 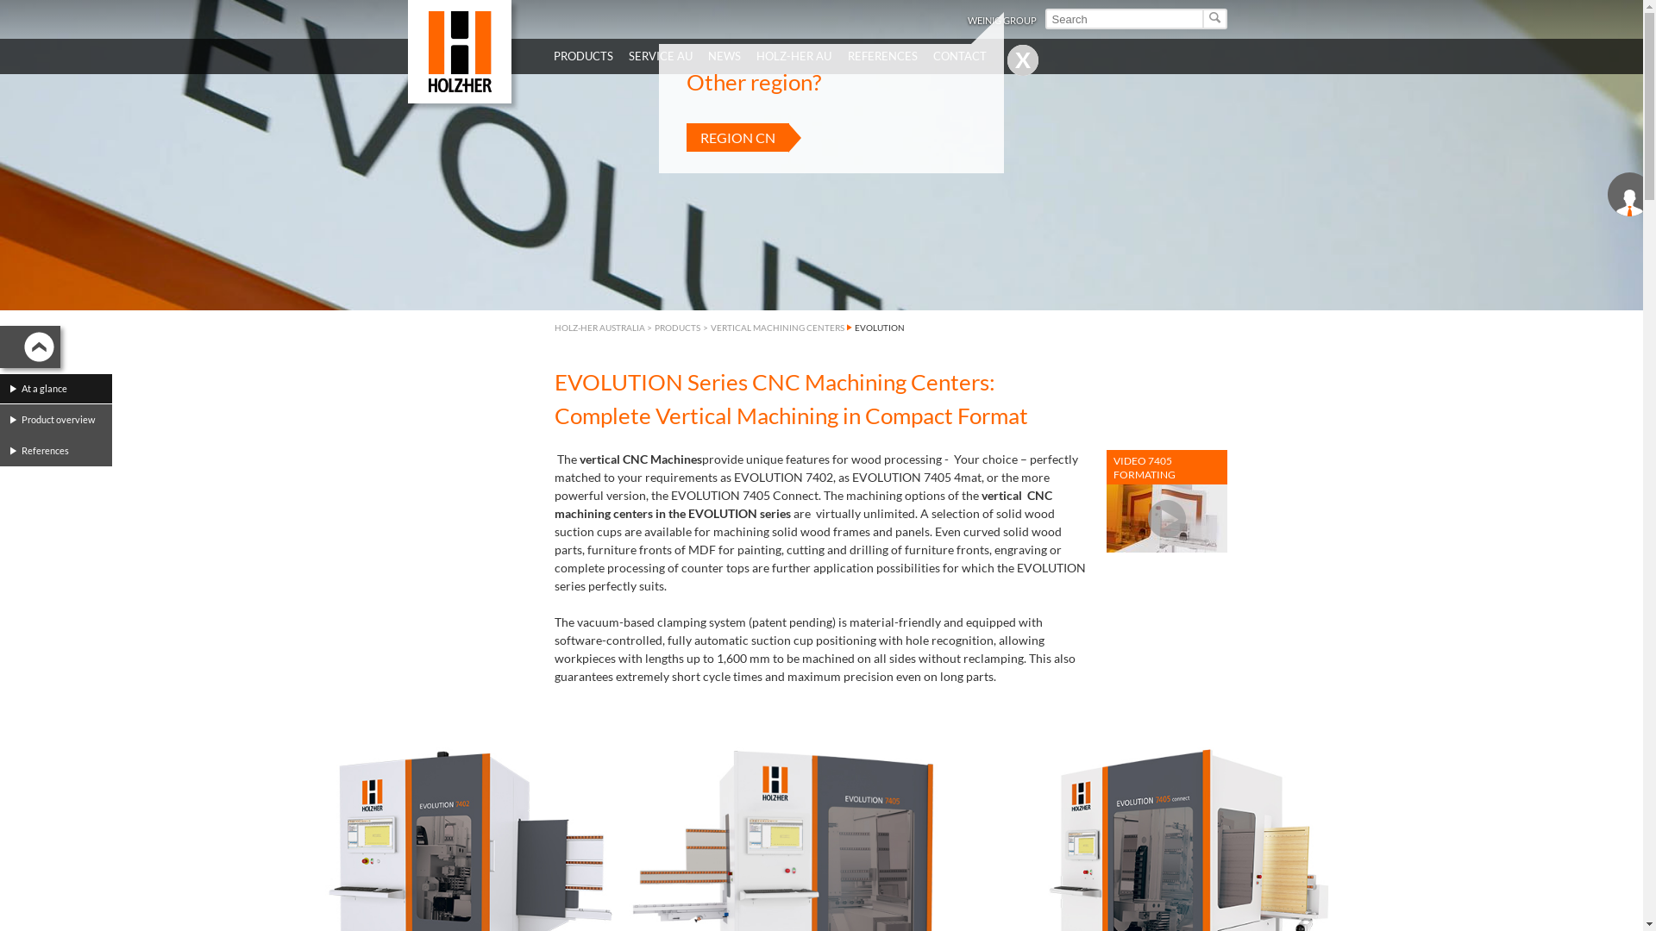 I want to click on 'At a glance', so click(x=60, y=389).